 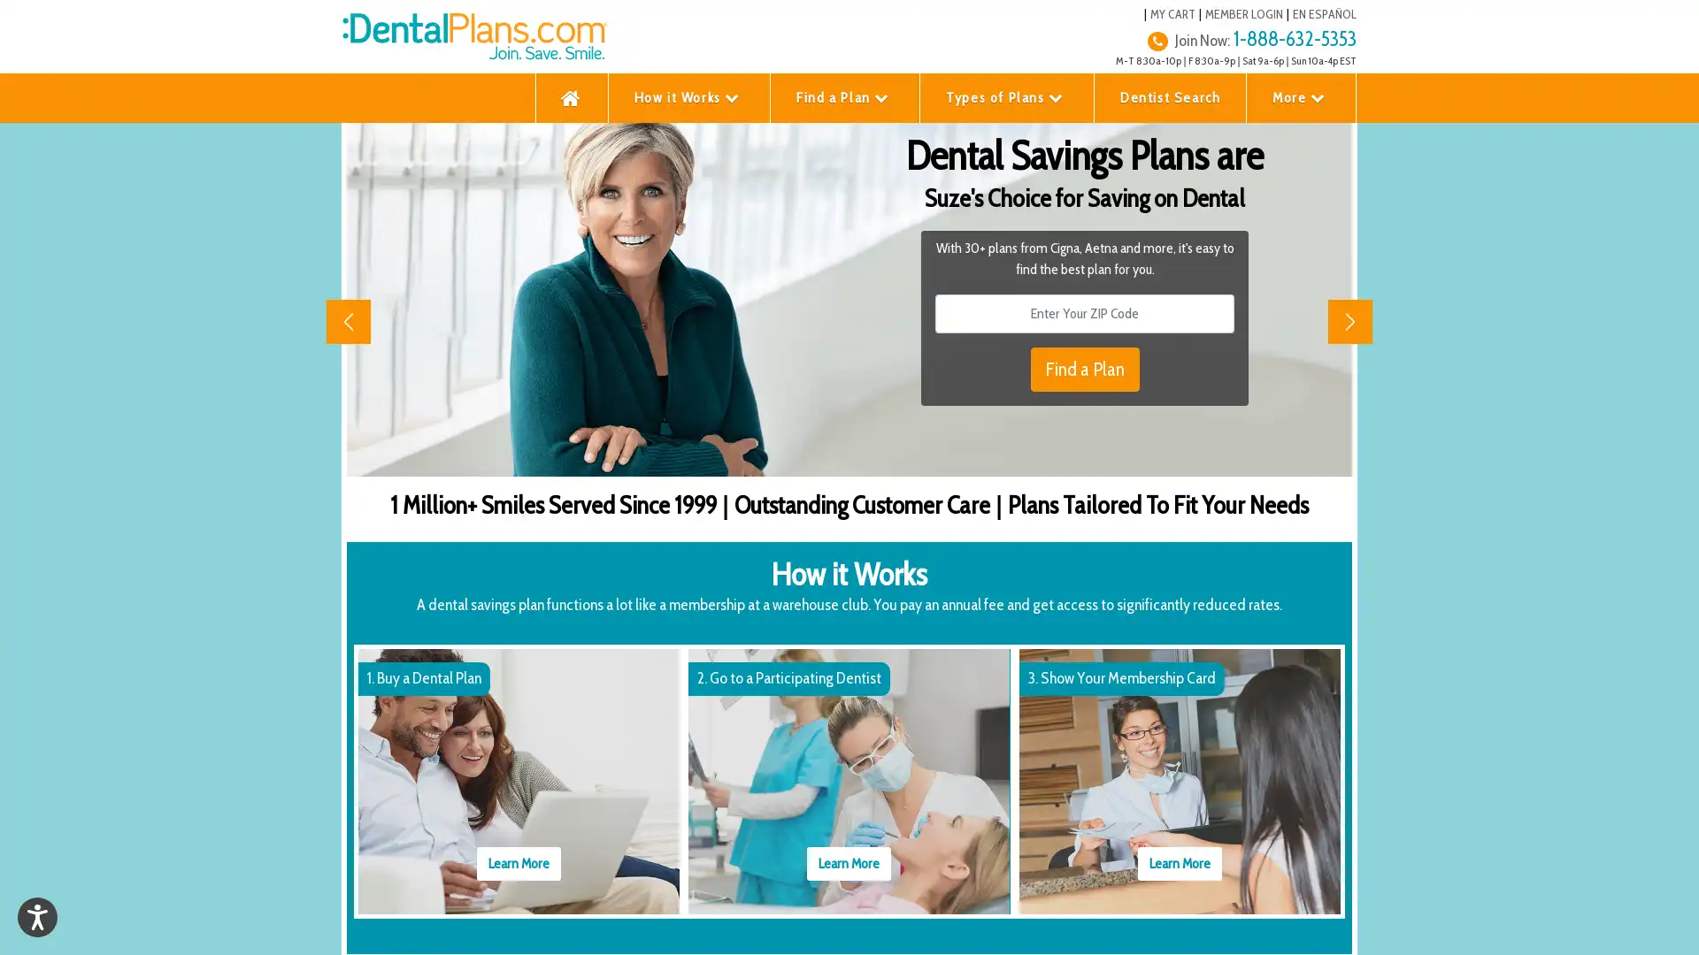 I want to click on Learn More, so click(x=1179, y=861).